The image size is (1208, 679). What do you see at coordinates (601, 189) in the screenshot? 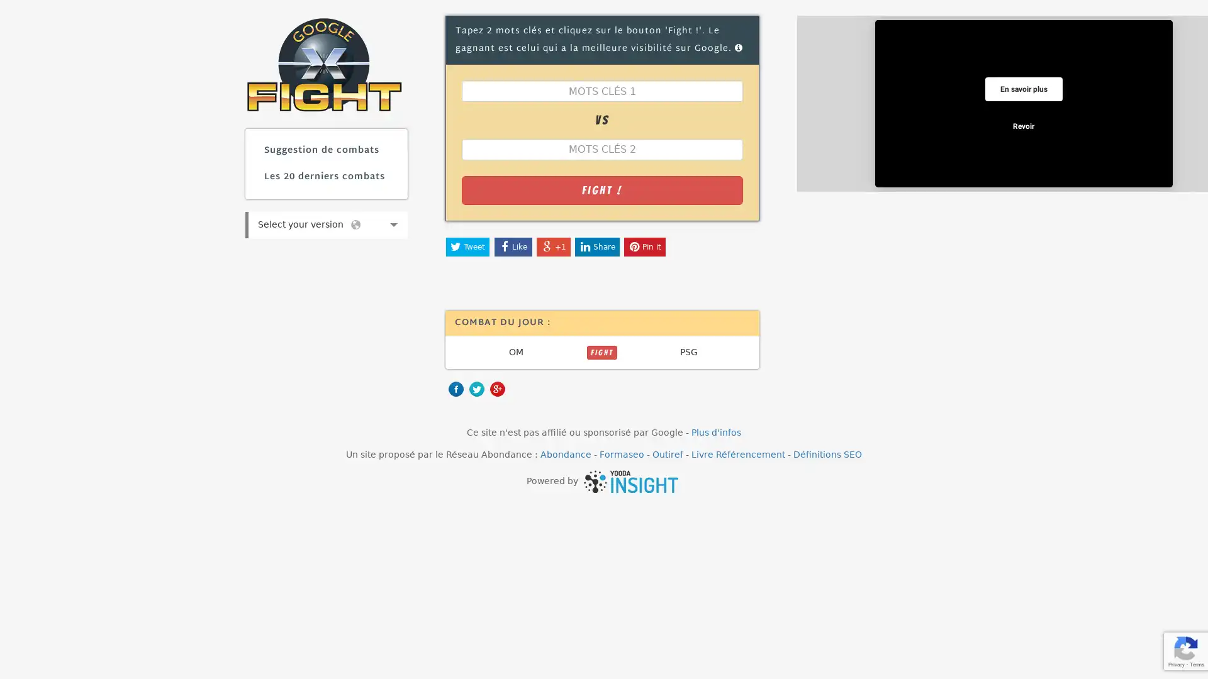
I see `Fight !` at bounding box center [601, 189].